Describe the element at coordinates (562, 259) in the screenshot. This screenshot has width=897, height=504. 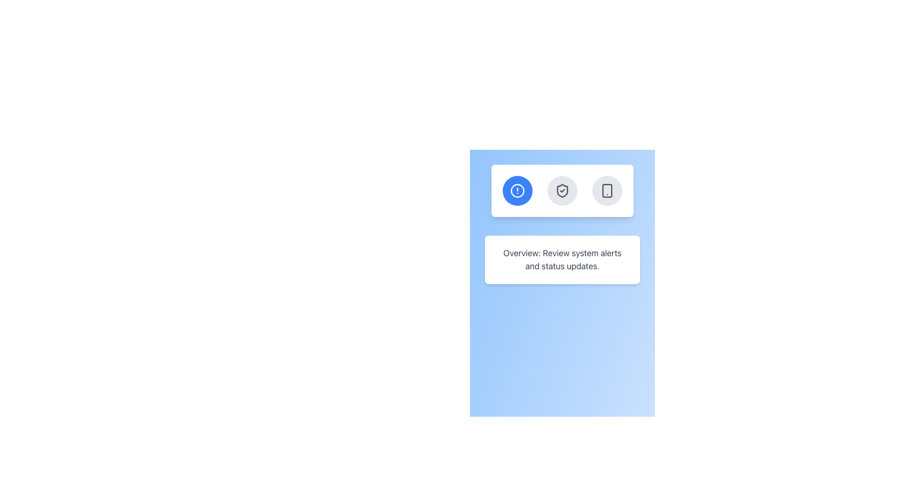
I see `informational content from the text block located centrally below the row of three circular buttons` at that location.